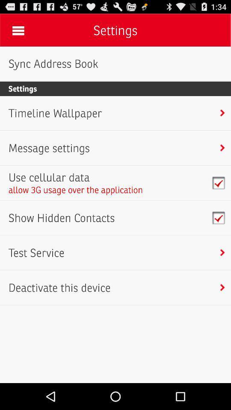  What do you see at coordinates (53, 63) in the screenshot?
I see `sync address book icon` at bounding box center [53, 63].